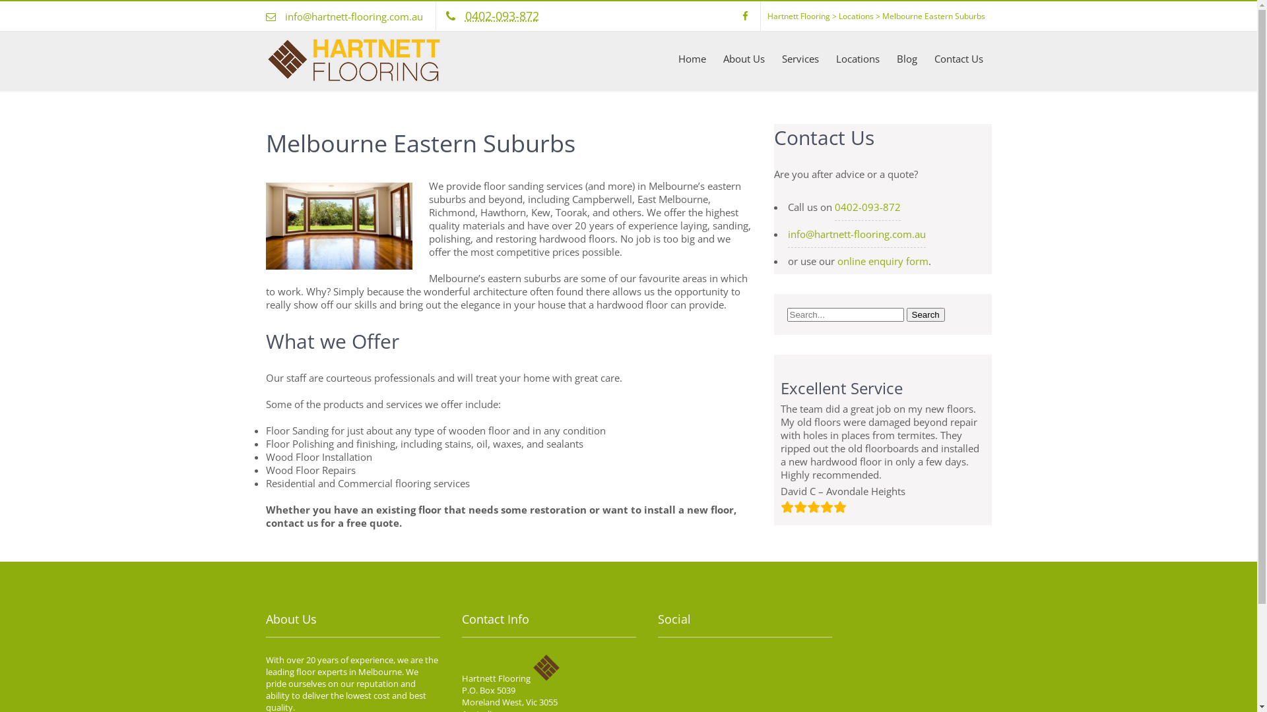 The width and height of the screenshot is (1267, 712). Describe the element at coordinates (284, 16) in the screenshot. I see `'info@hartnett-flooring.com.au'` at that location.